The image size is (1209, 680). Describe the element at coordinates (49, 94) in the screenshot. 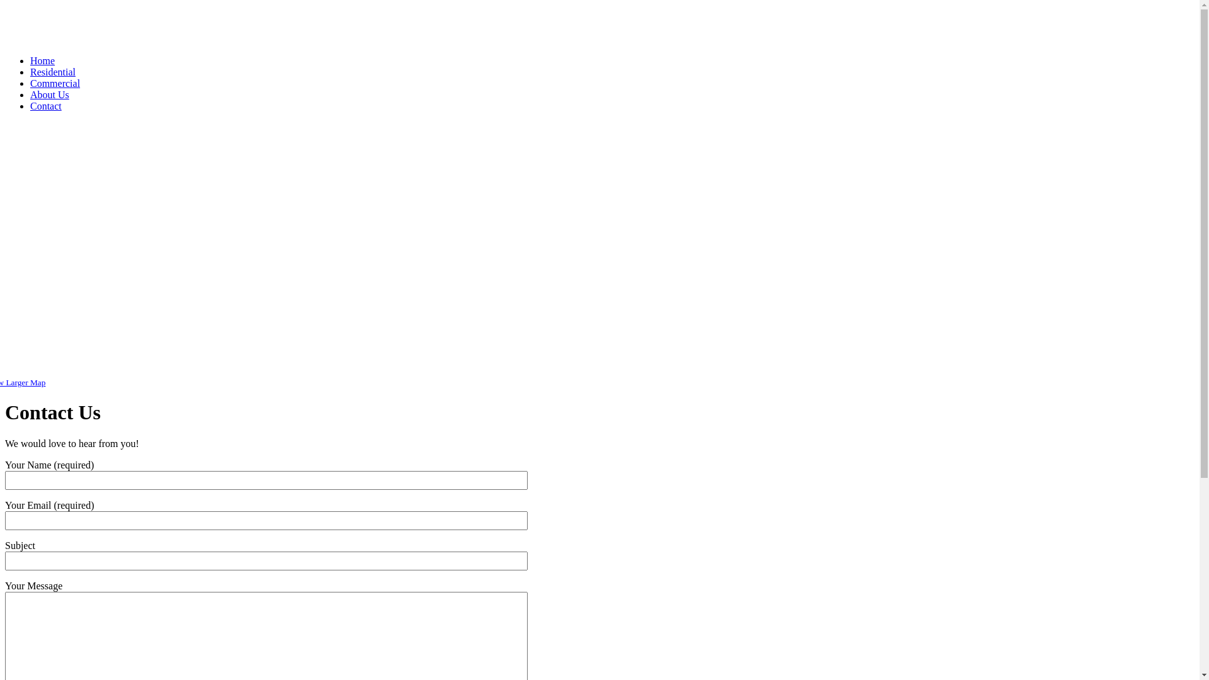

I see `'About Us'` at that location.